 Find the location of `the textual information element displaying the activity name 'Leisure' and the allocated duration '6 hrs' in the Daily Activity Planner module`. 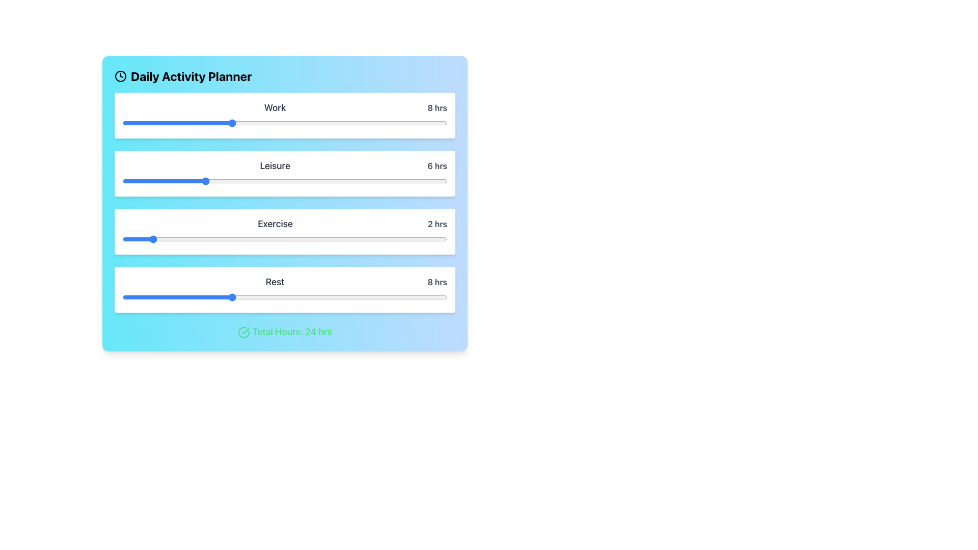

the textual information element displaying the activity name 'Leisure' and the allocated duration '6 hrs' in the Daily Activity Planner module is located at coordinates (285, 166).